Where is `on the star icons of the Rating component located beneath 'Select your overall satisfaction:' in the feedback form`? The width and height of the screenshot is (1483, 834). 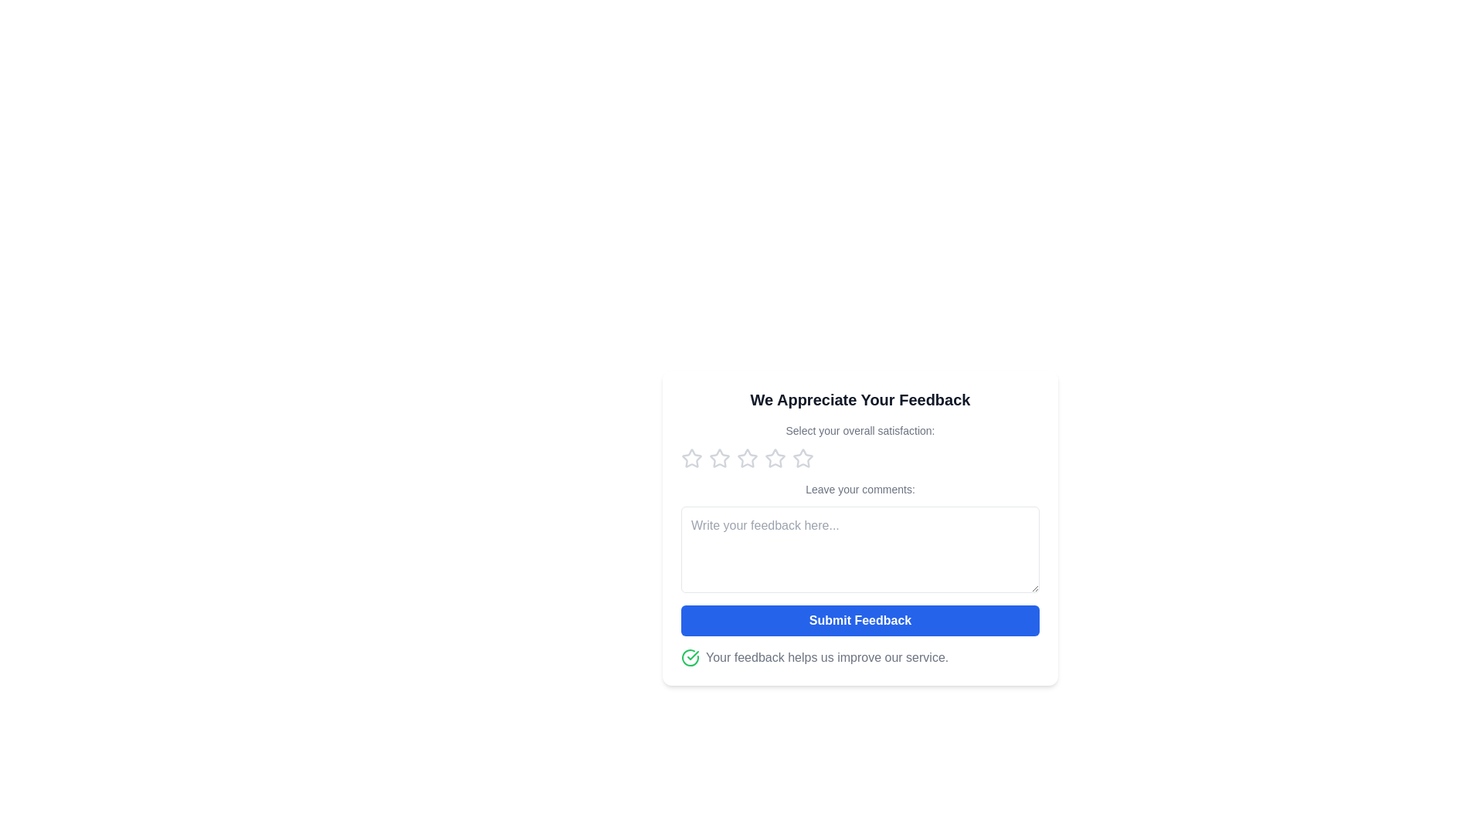
on the star icons of the Rating component located beneath 'Select your overall satisfaction:' in the feedback form is located at coordinates (859, 458).